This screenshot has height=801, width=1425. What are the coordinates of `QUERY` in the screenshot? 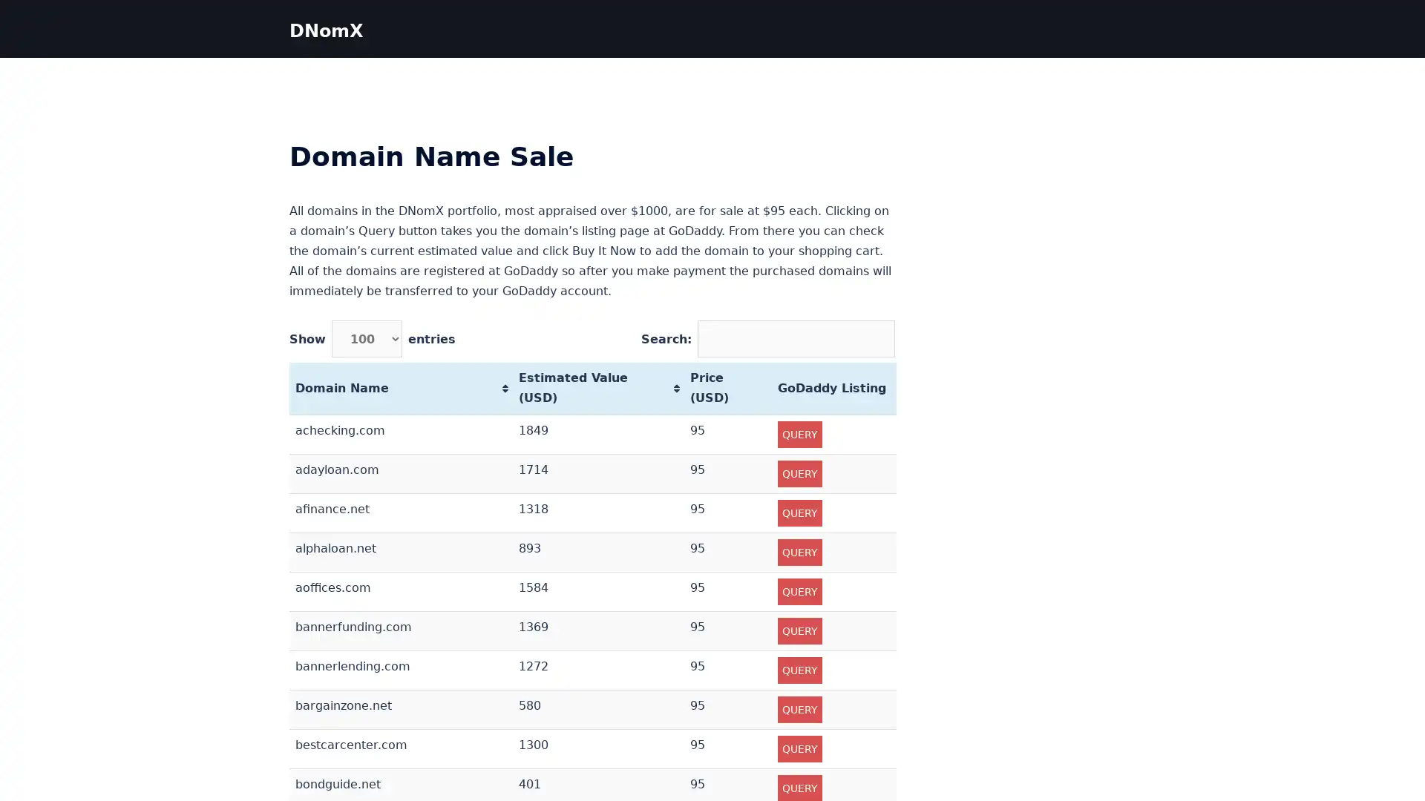 It's located at (798, 670).